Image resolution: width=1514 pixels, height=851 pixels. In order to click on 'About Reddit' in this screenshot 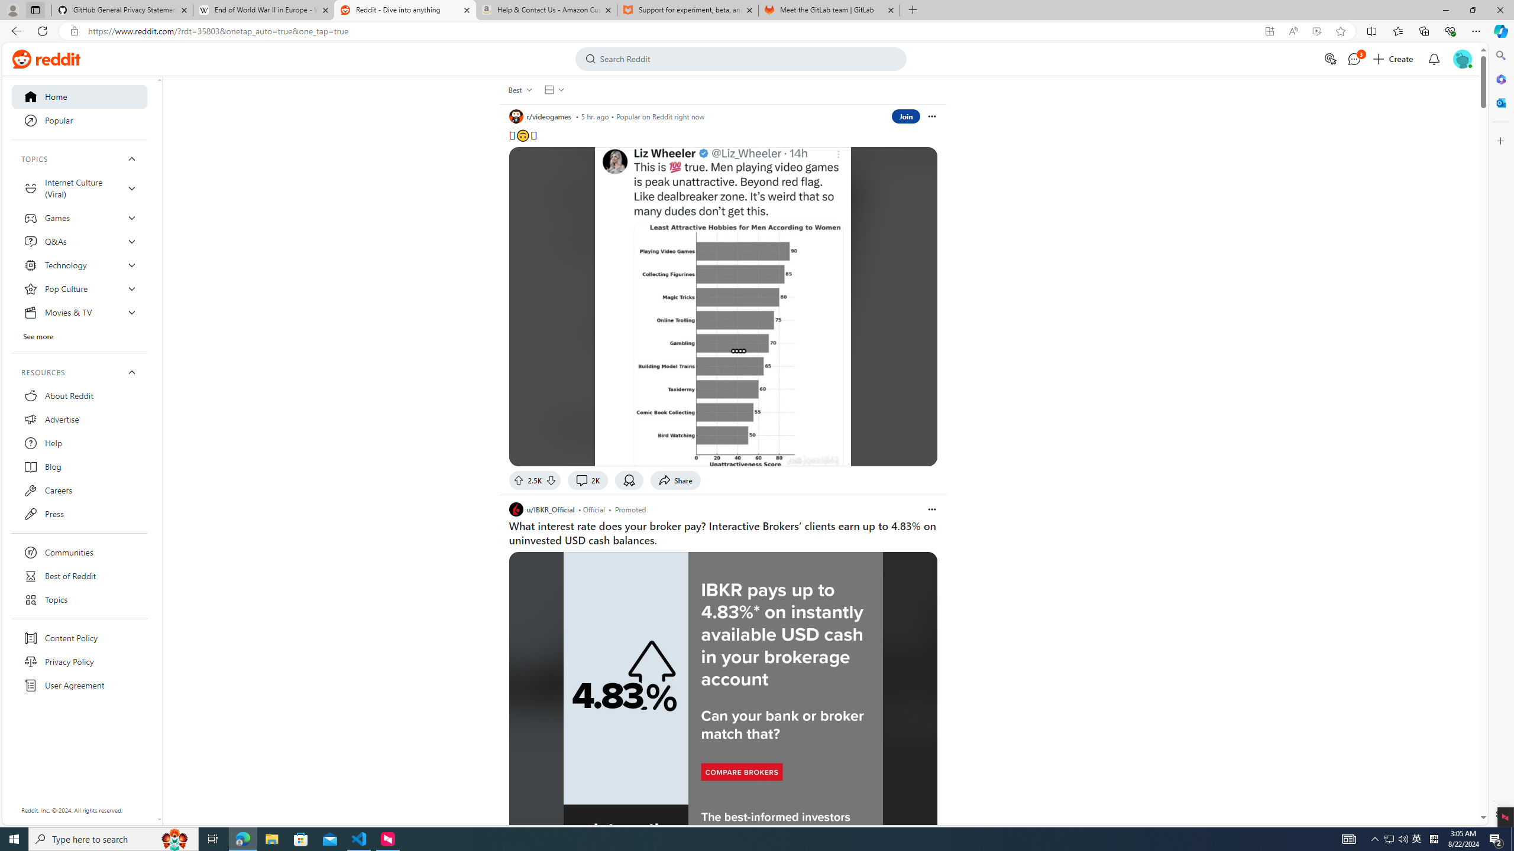, I will do `click(79, 395)`.